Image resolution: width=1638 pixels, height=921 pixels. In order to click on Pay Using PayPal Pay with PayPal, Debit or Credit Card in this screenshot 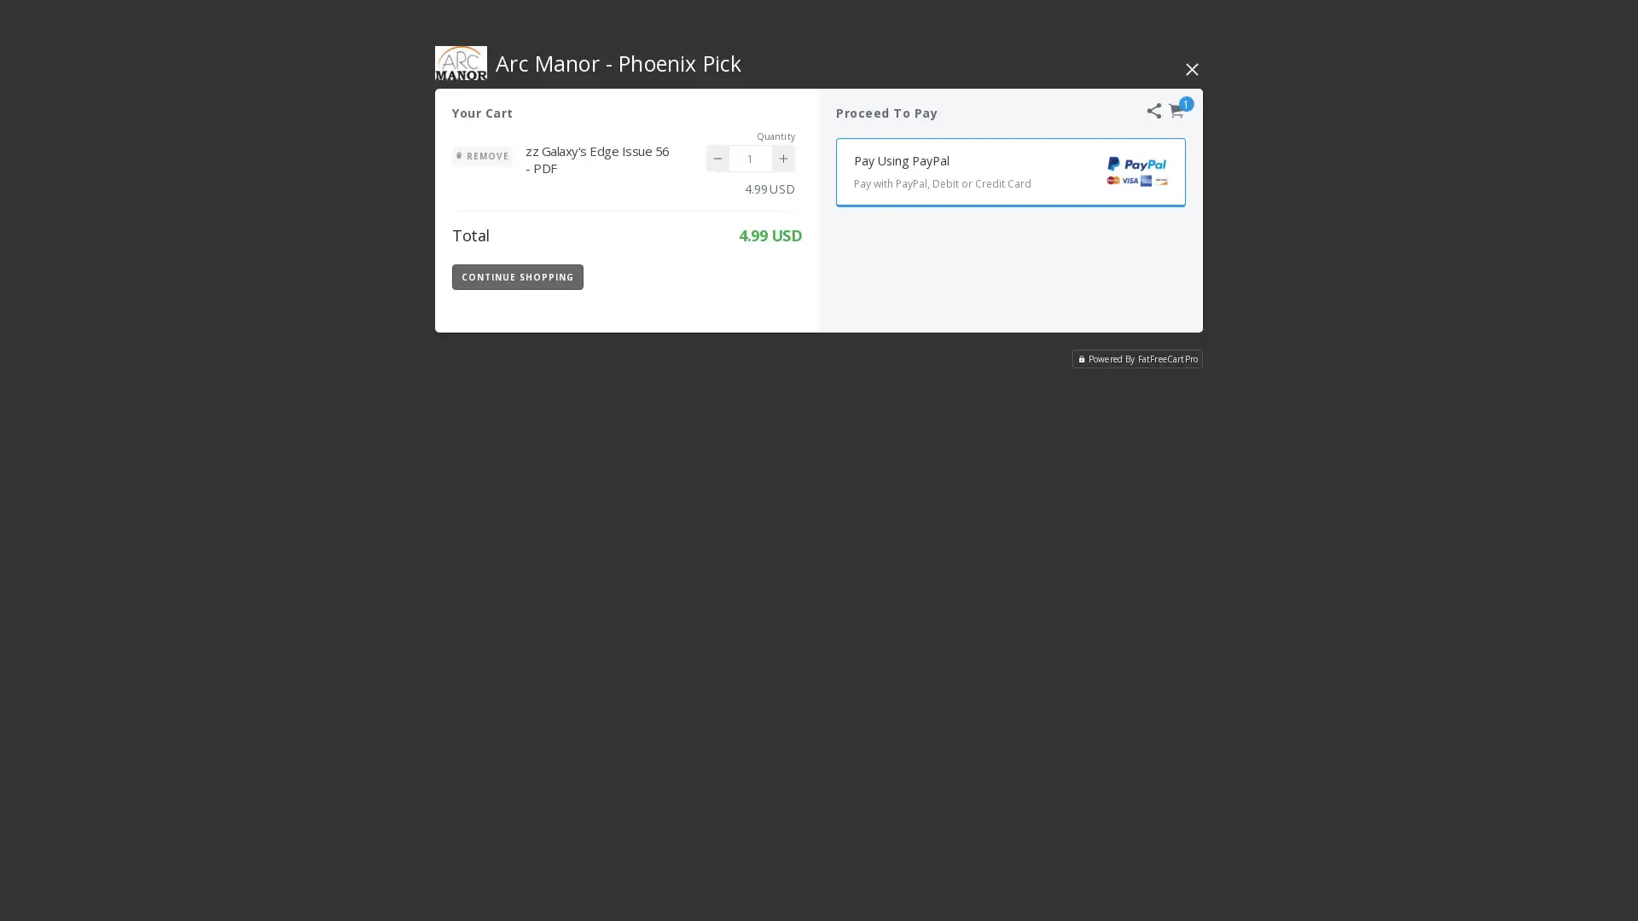, I will do `click(1011, 171)`.